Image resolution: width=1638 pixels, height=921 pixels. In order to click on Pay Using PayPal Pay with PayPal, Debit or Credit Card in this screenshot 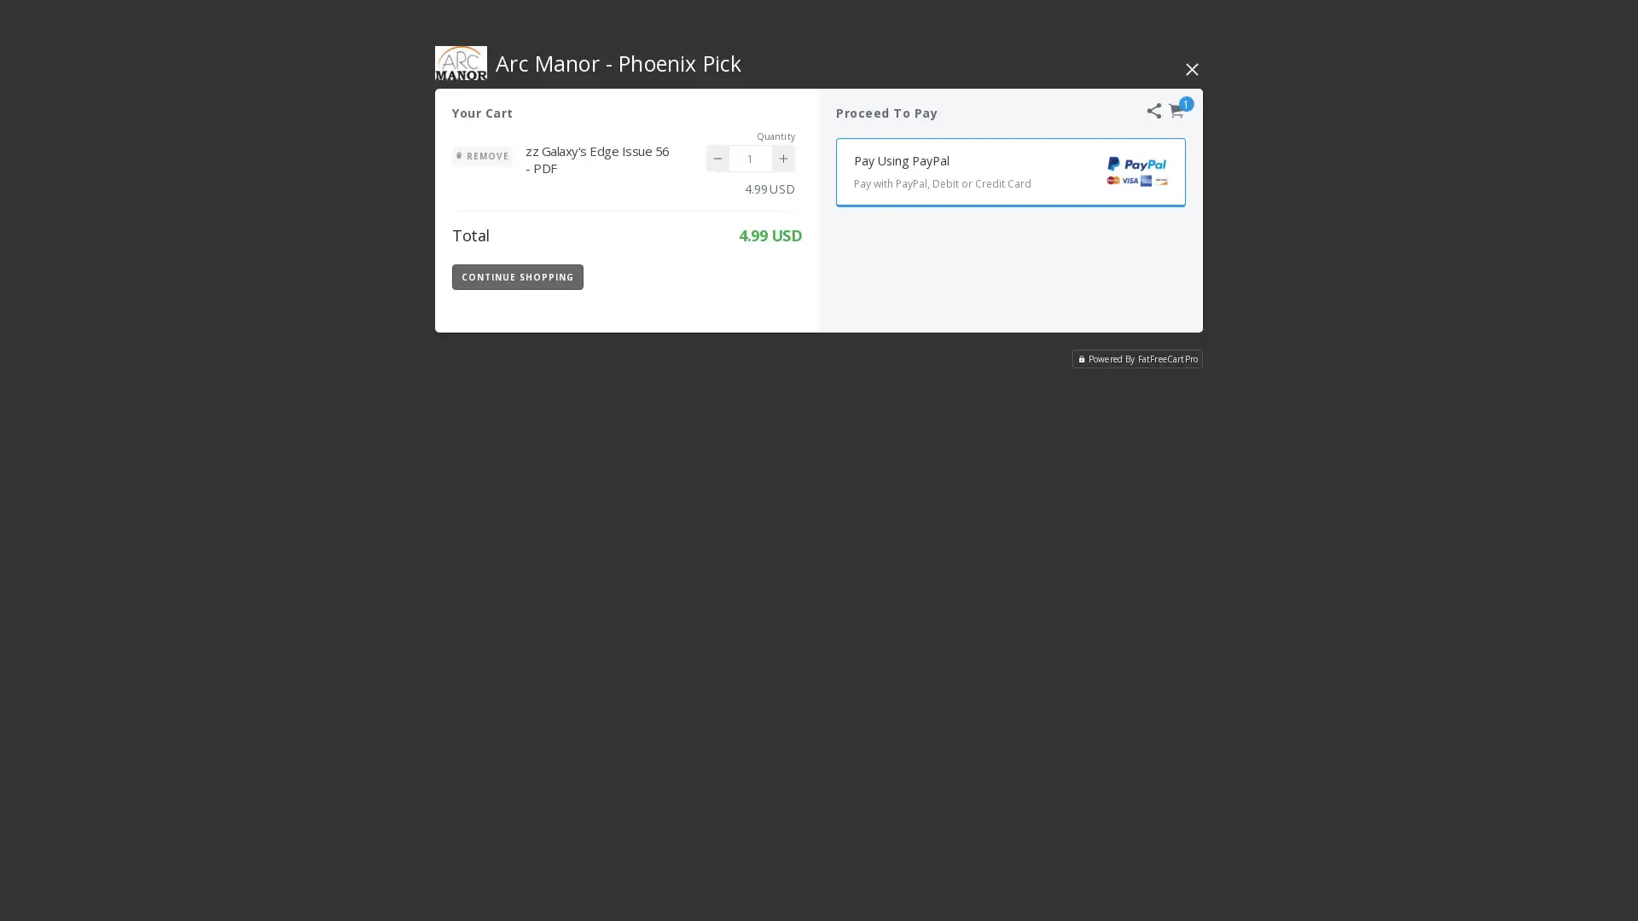, I will do `click(1011, 171)`.